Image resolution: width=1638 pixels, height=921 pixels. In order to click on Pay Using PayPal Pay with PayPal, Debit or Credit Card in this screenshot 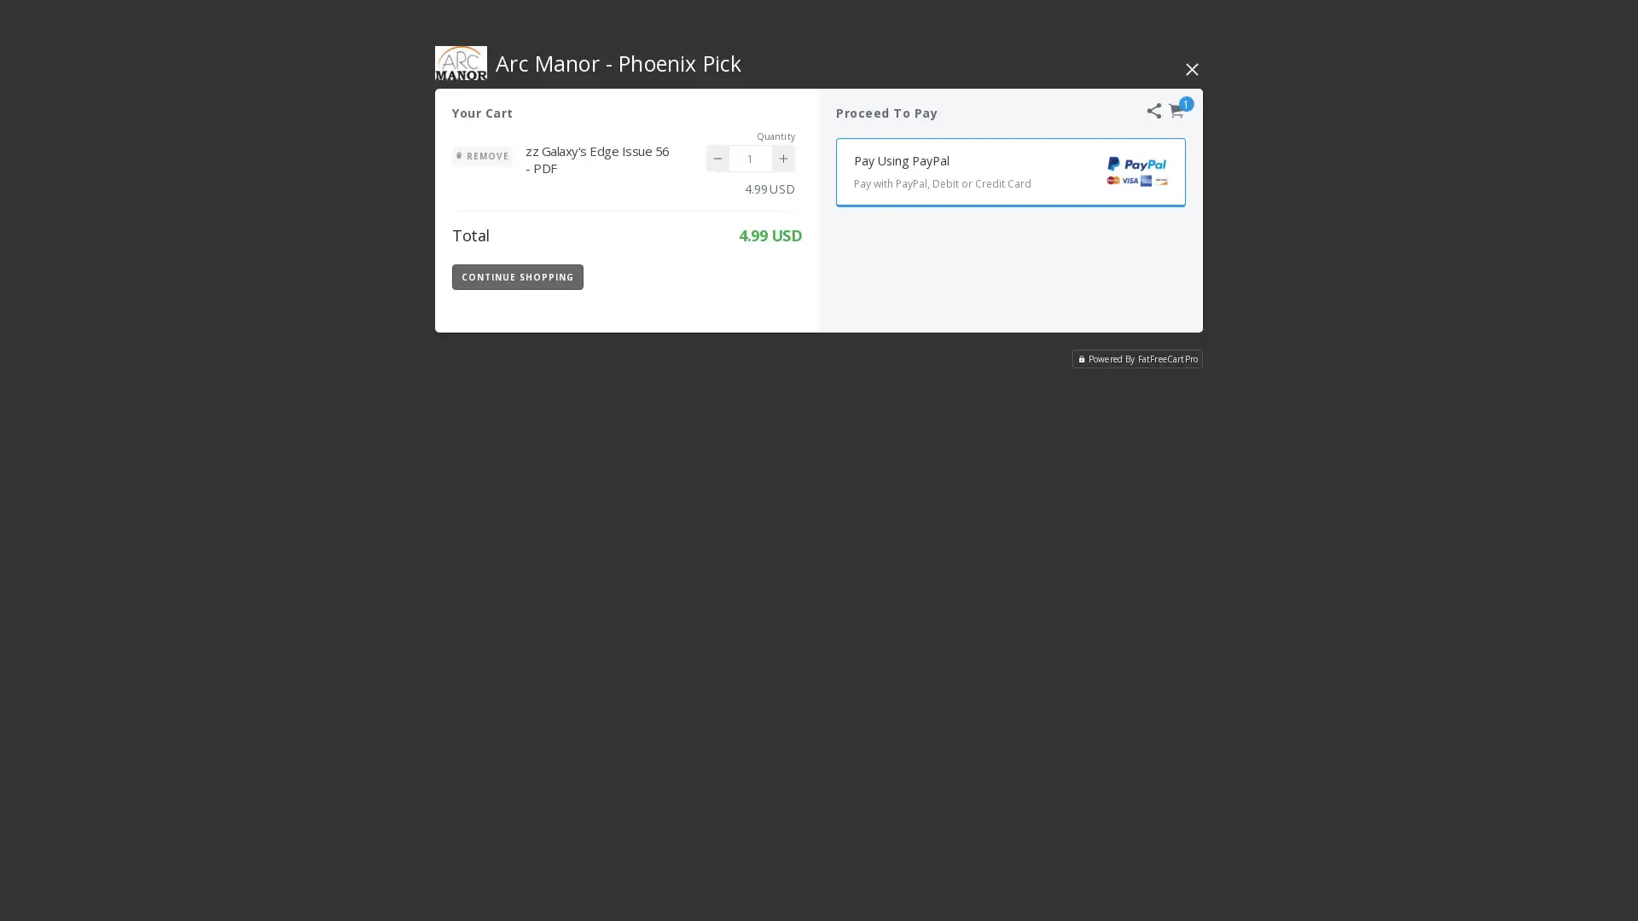, I will do `click(1011, 171)`.